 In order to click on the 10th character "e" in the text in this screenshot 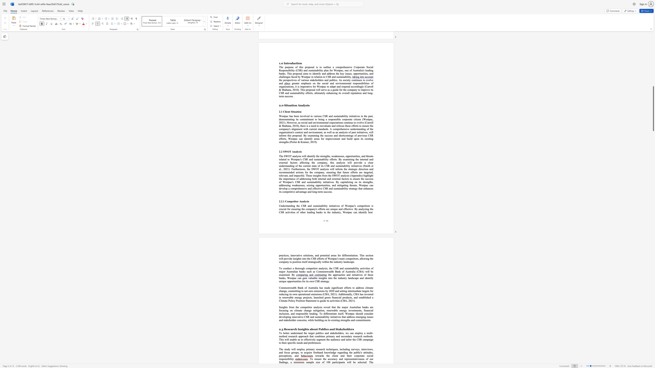, I will do `click(319, 362)`.